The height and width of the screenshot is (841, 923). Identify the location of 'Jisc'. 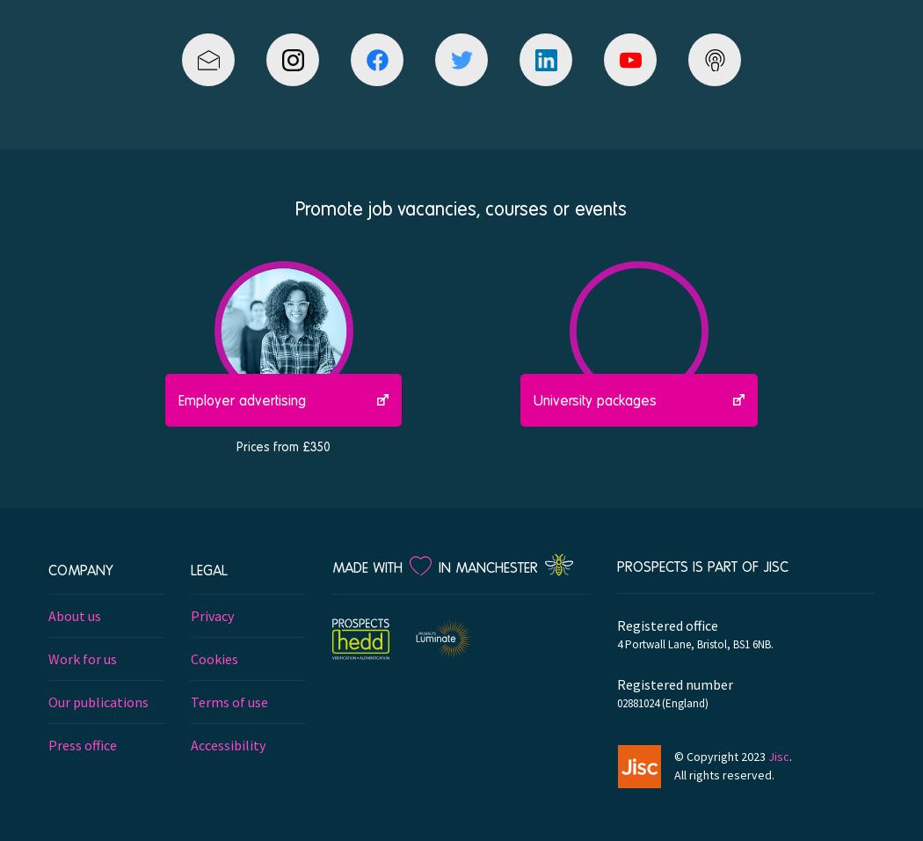
(777, 755).